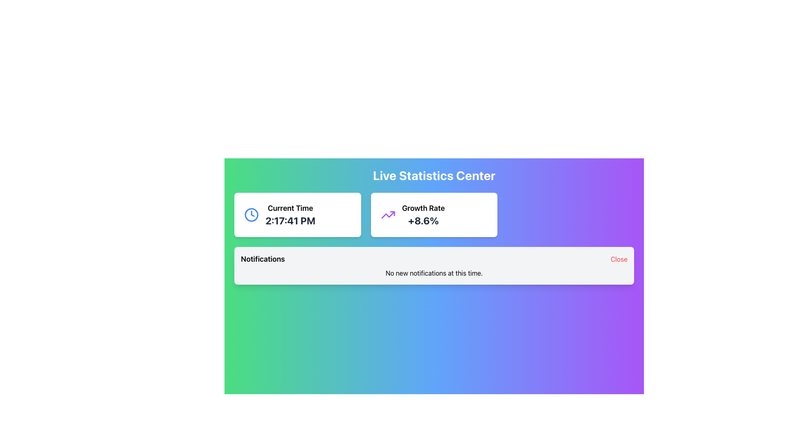 The height and width of the screenshot is (443, 788). Describe the element at coordinates (263, 259) in the screenshot. I see `the text label displaying 'Notifications', which is styled in bold and prominently positioned within a light background rectangle in the top-left section of the horizontal bar` at that location.